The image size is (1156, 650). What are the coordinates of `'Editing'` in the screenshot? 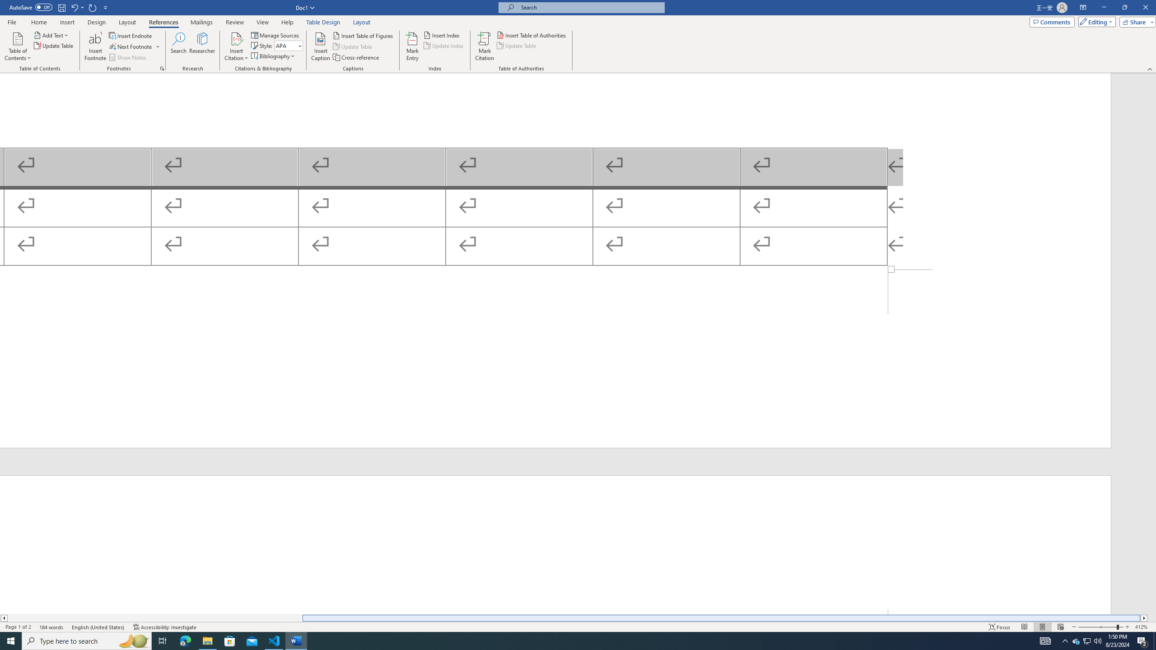 It's located at (1095, 21).